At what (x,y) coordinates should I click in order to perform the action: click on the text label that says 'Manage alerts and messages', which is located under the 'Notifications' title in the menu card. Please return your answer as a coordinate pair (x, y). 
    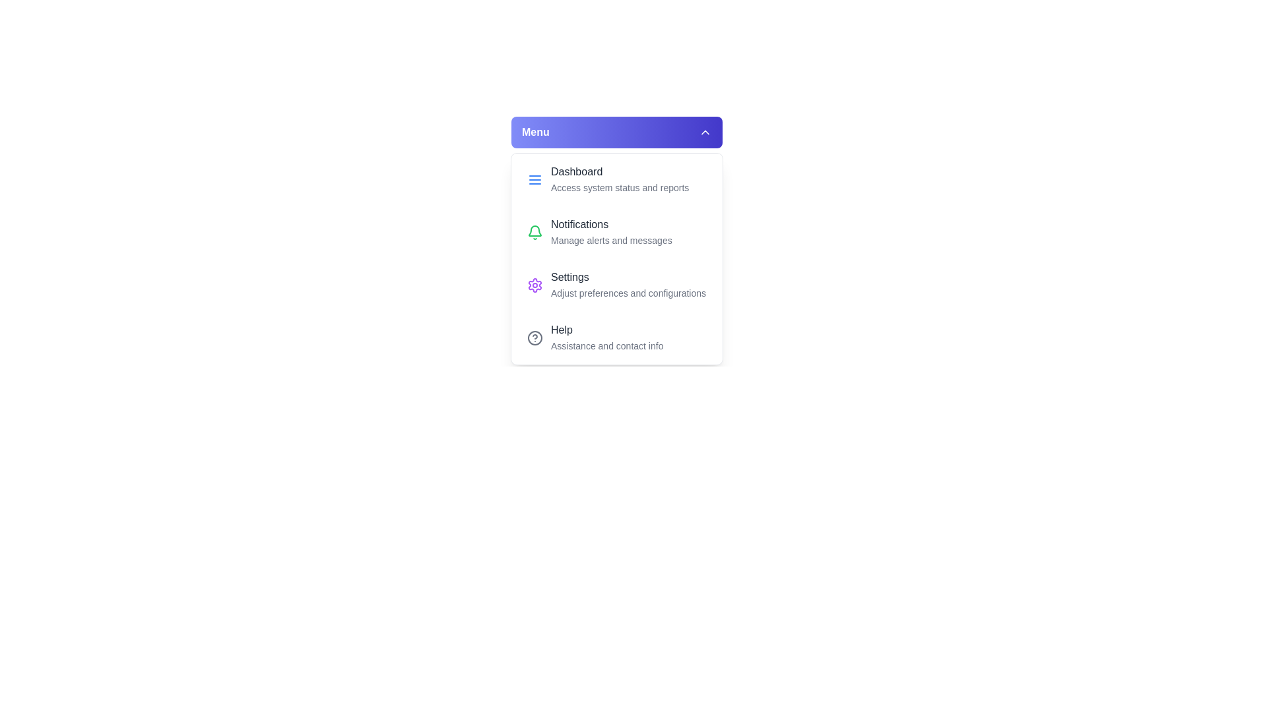
    Looking at the image, I should click on (610, 241).